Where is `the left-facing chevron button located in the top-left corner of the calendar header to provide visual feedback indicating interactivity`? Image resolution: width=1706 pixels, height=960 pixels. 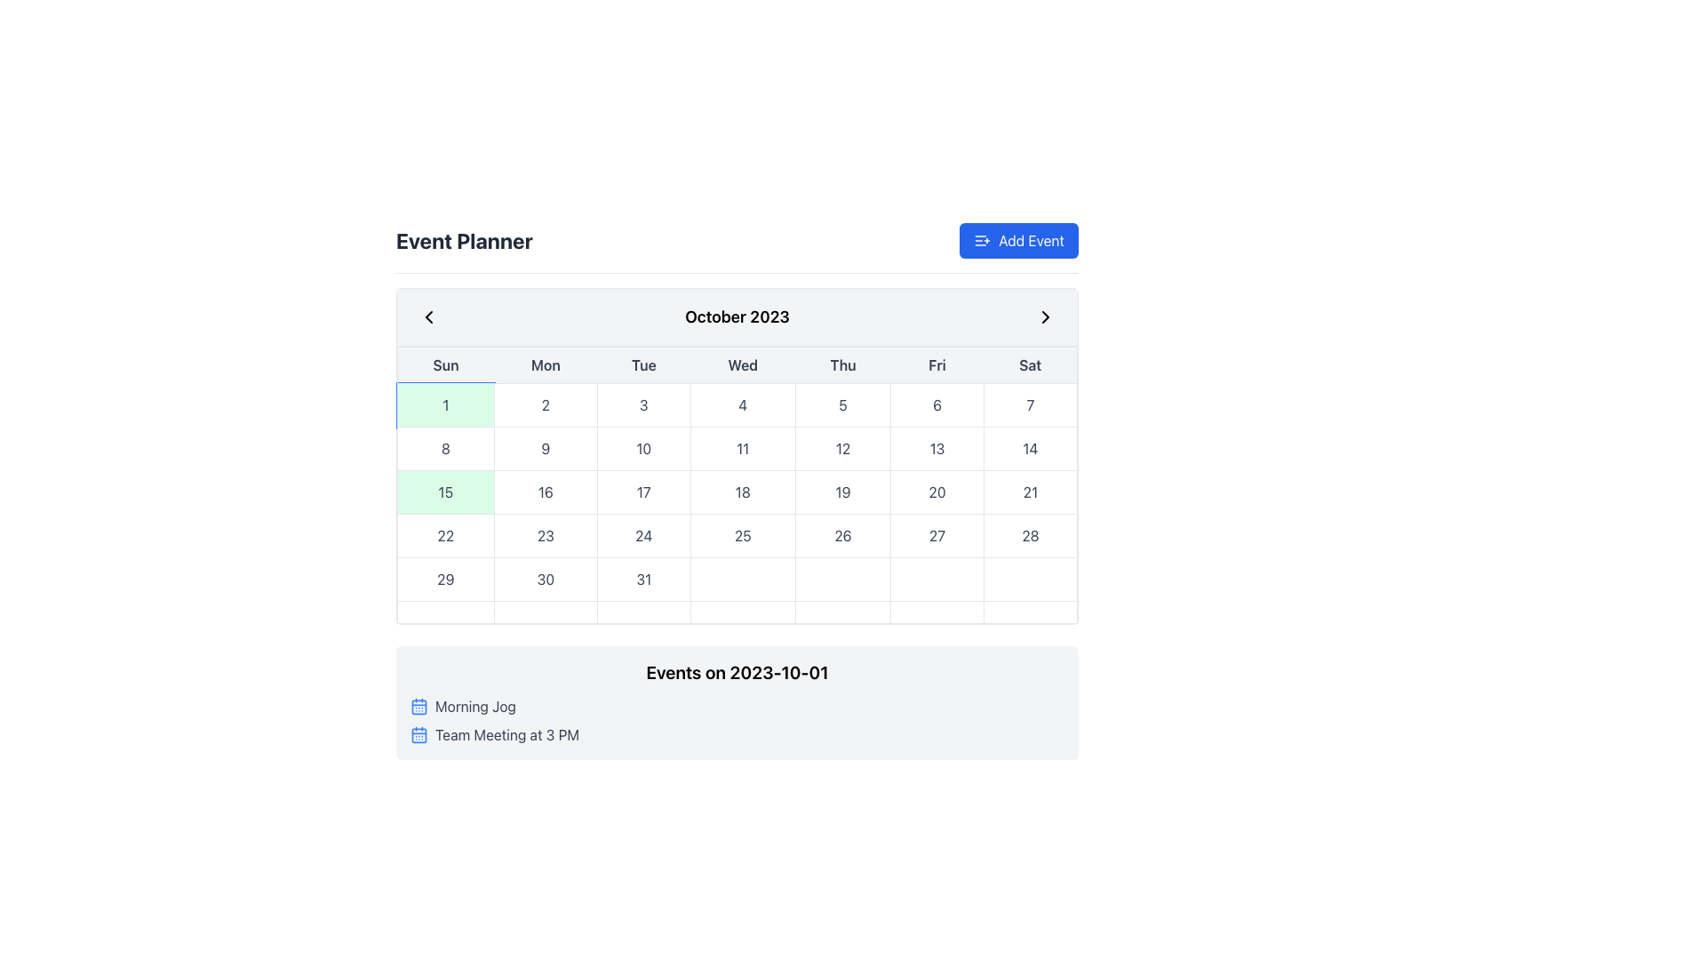 the left-facing chevron button located in the top-left corner of the calendar header to provide visual feedback indicating interactivity is located at coordinates (429, 316).